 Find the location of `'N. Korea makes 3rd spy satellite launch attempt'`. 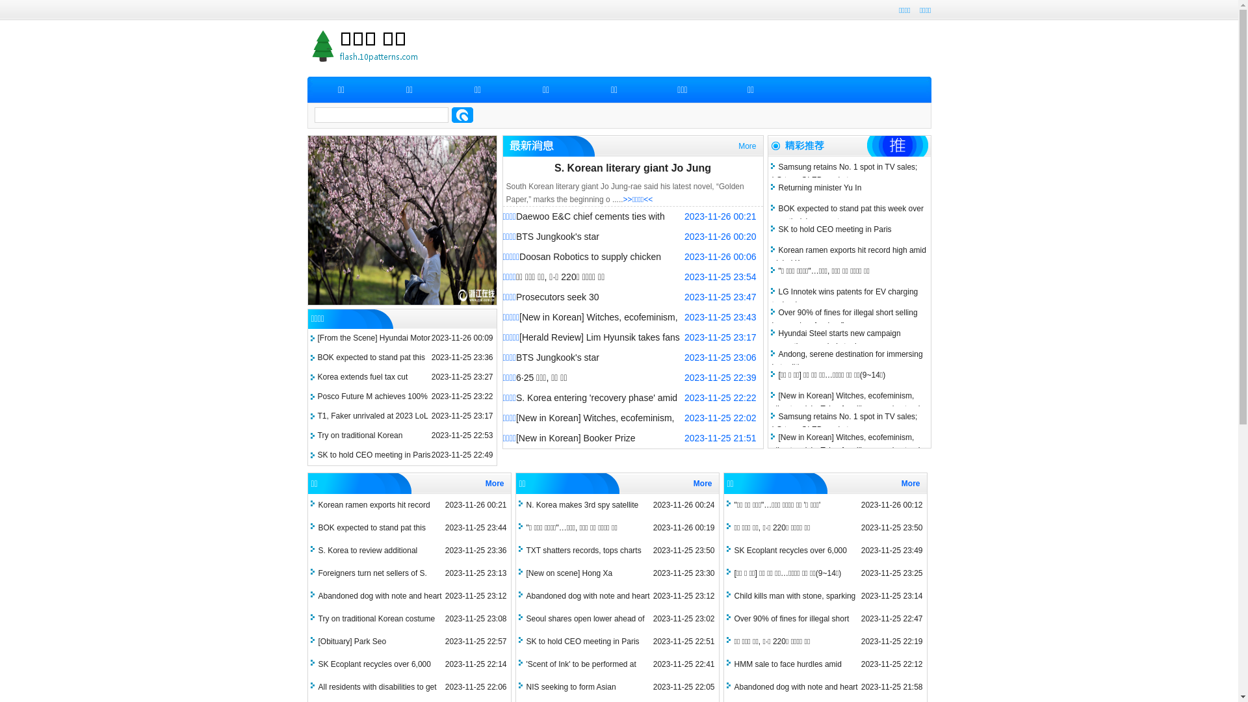

'N. Korea makes 3rd spy satellite launch attempt' is located at coordinates (520, 512).